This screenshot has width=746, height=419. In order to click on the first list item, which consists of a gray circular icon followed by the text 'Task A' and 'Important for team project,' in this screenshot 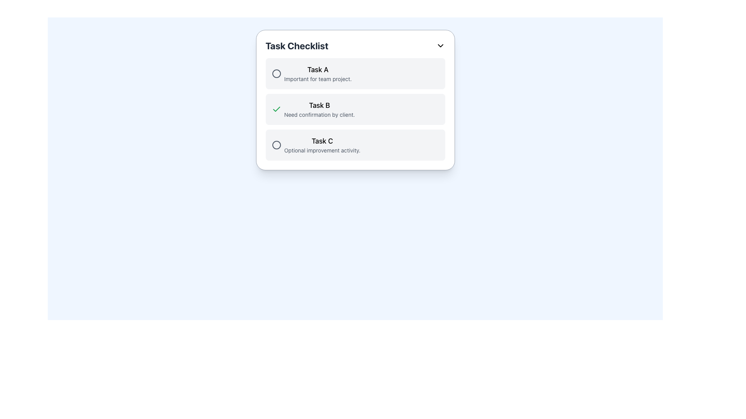, I will do `click(312, 73)`.